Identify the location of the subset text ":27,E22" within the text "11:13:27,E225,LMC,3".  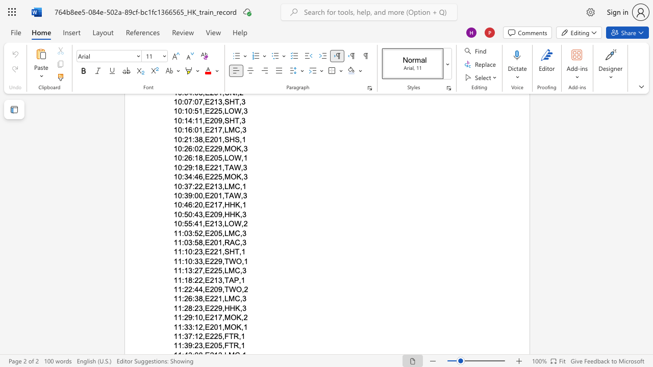
(192, 270).